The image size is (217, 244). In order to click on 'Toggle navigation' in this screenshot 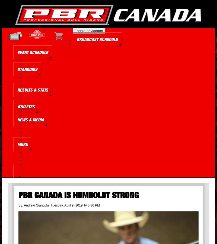, I will do `click(88, 30)`.